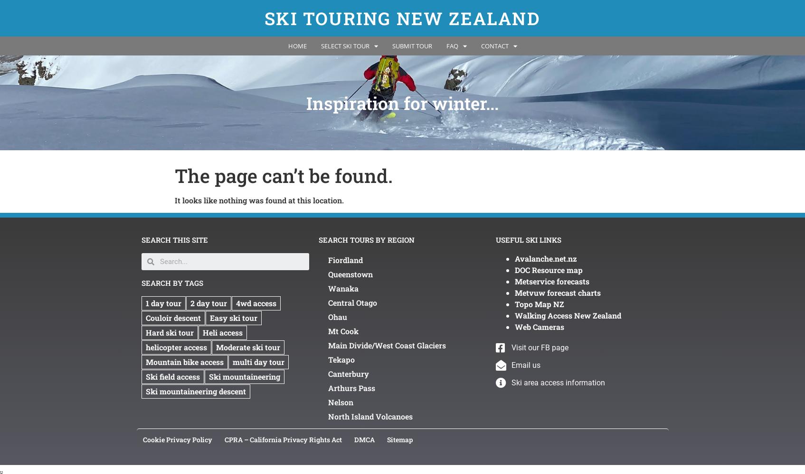  Describe the element at coordinates (344, 46) in the screenshot. I see `'Select Ski Tour'` at that location.